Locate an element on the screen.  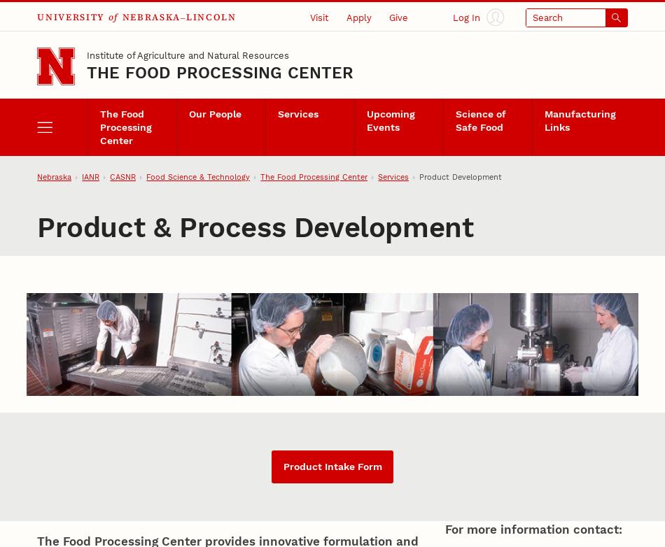
'Suite Spot' is located at coordinates (121, 102).